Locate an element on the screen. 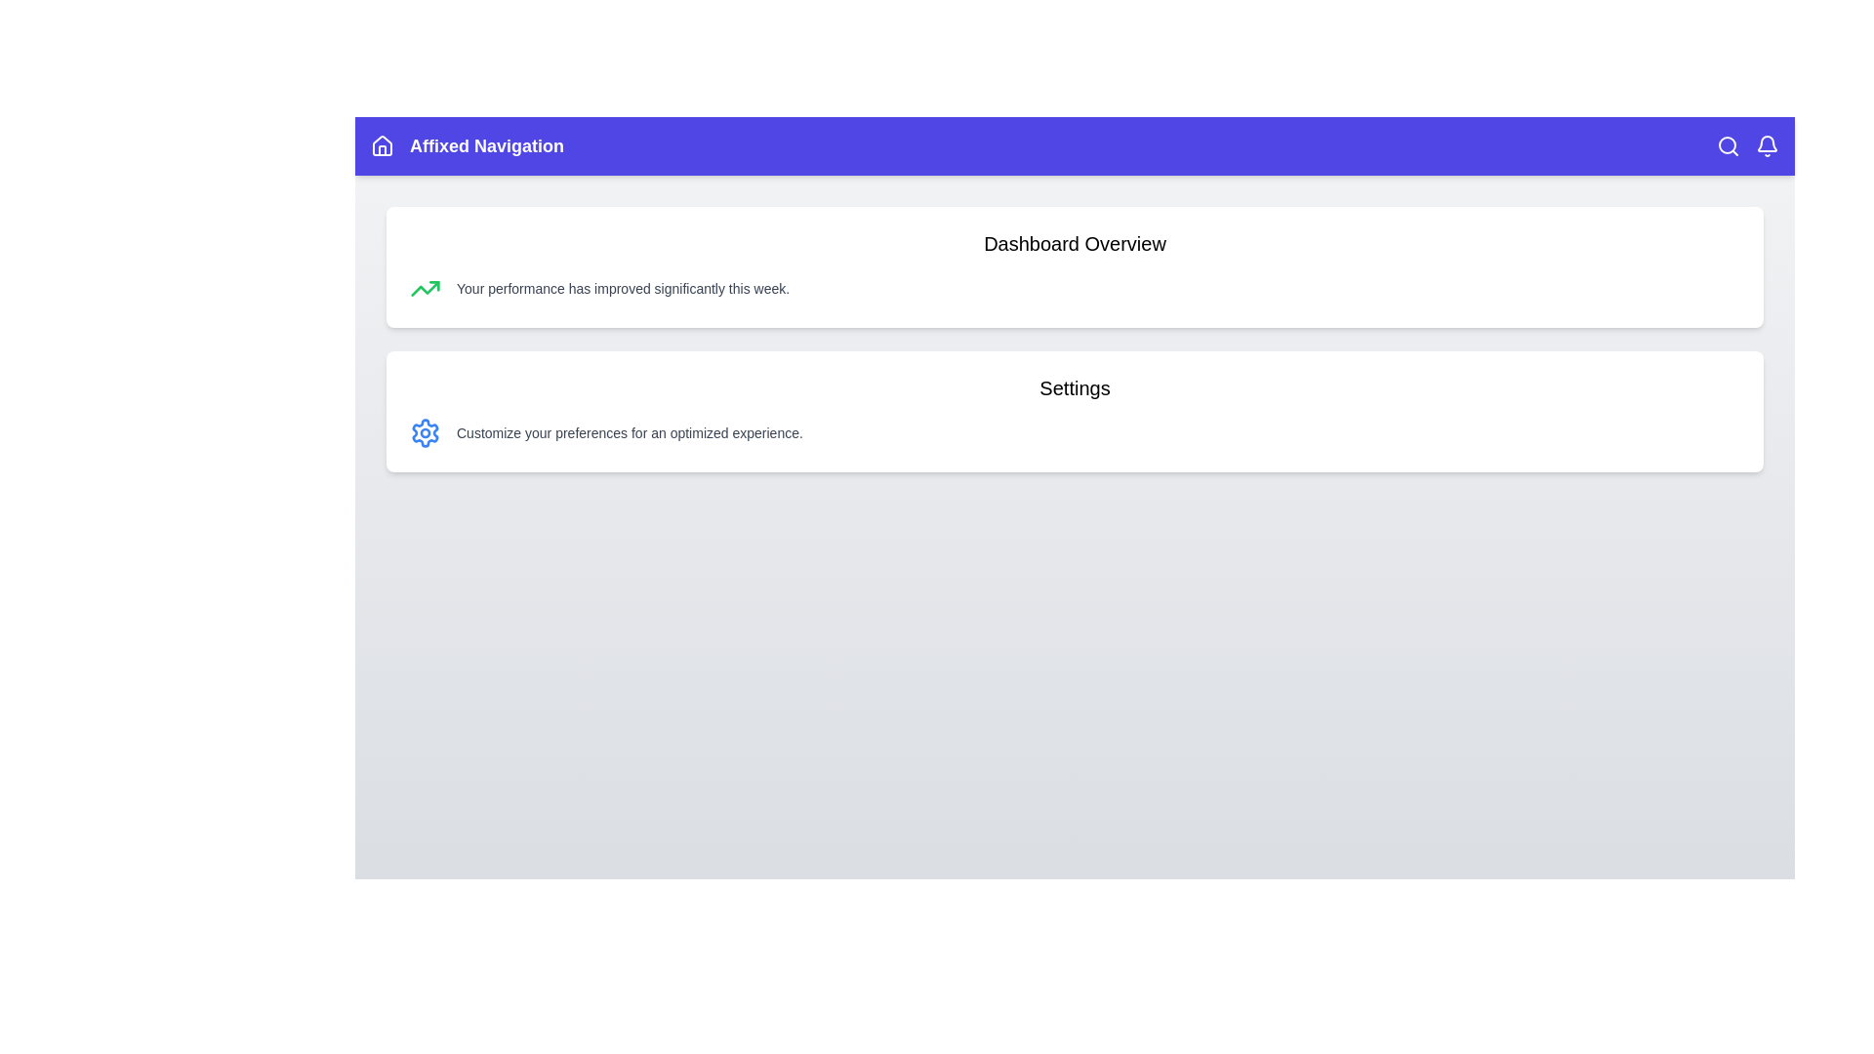 The height and width of the screenshot is (1054, 1874). the bell icon button located in the top-right corner of the blue navigation bar is located at coordinates (1767, 145).